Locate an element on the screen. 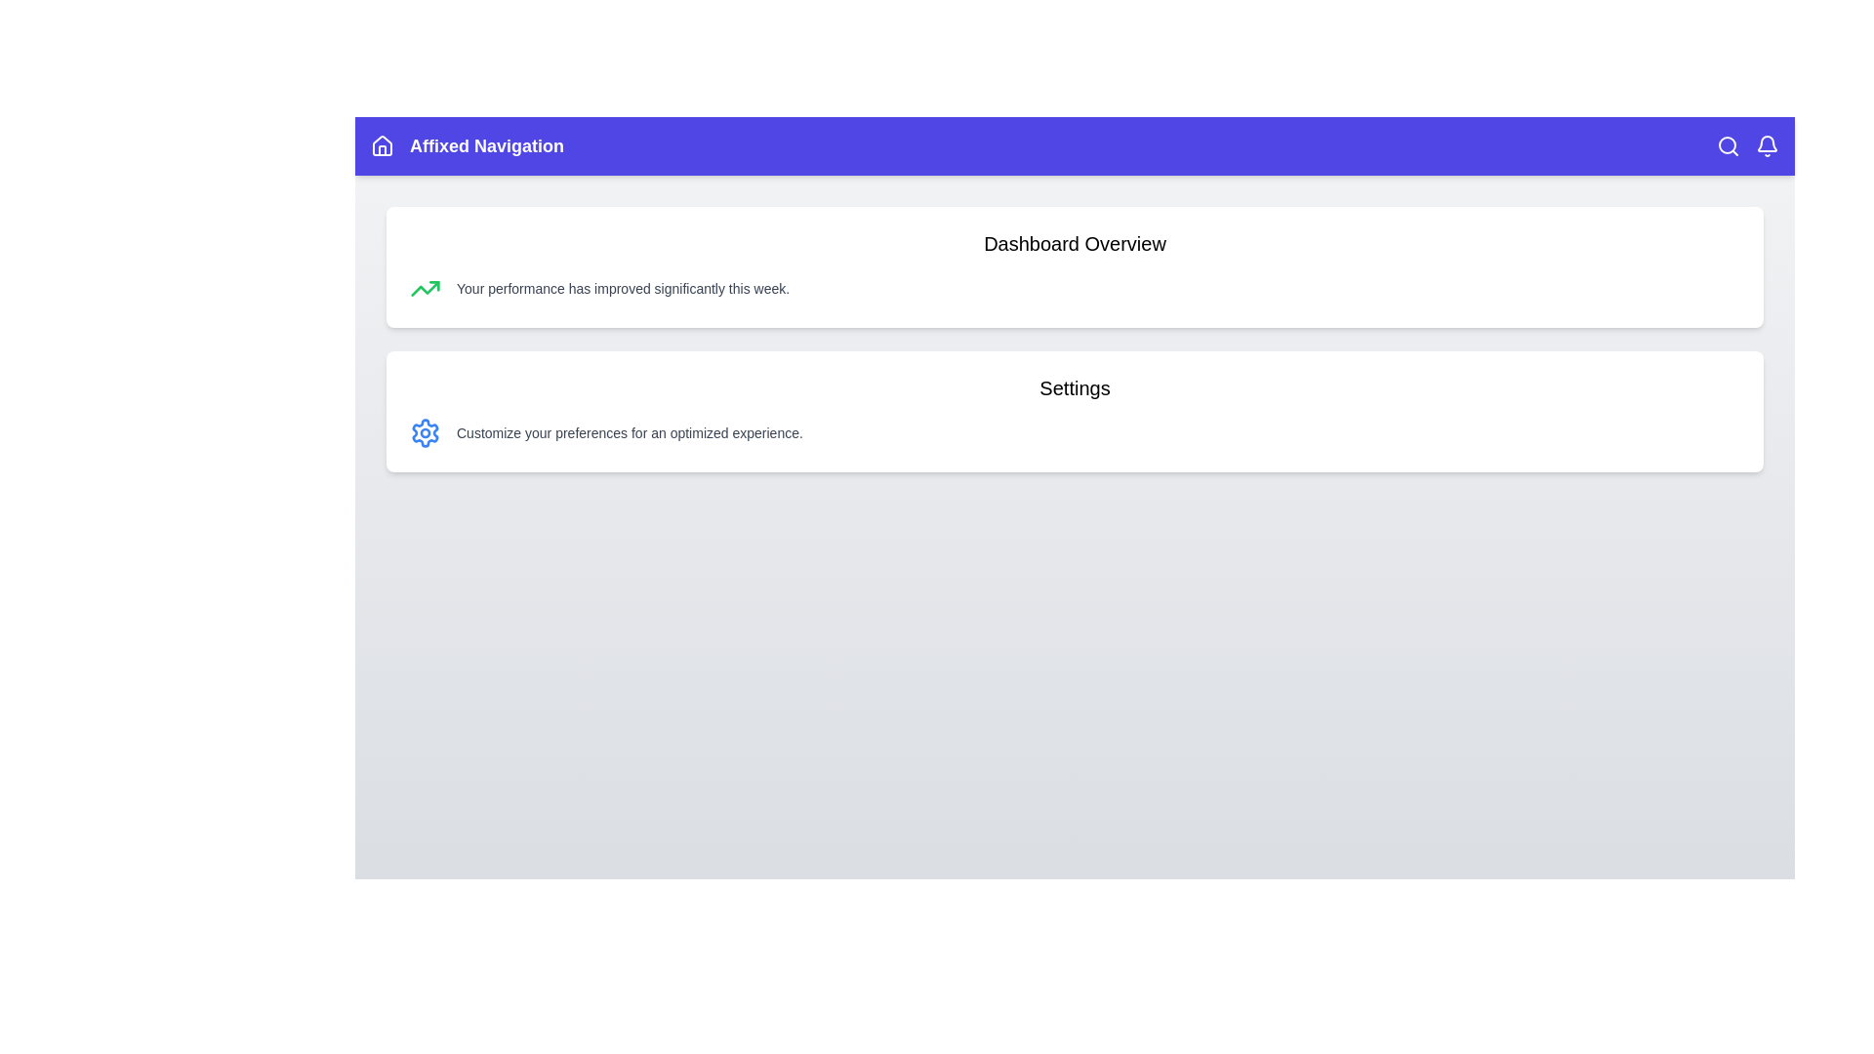 The height and width of the screenshot is (1054, 1874). the bell icon button located in the top-right corner of the blue navigation bar is located at coordinates (1767, 145).